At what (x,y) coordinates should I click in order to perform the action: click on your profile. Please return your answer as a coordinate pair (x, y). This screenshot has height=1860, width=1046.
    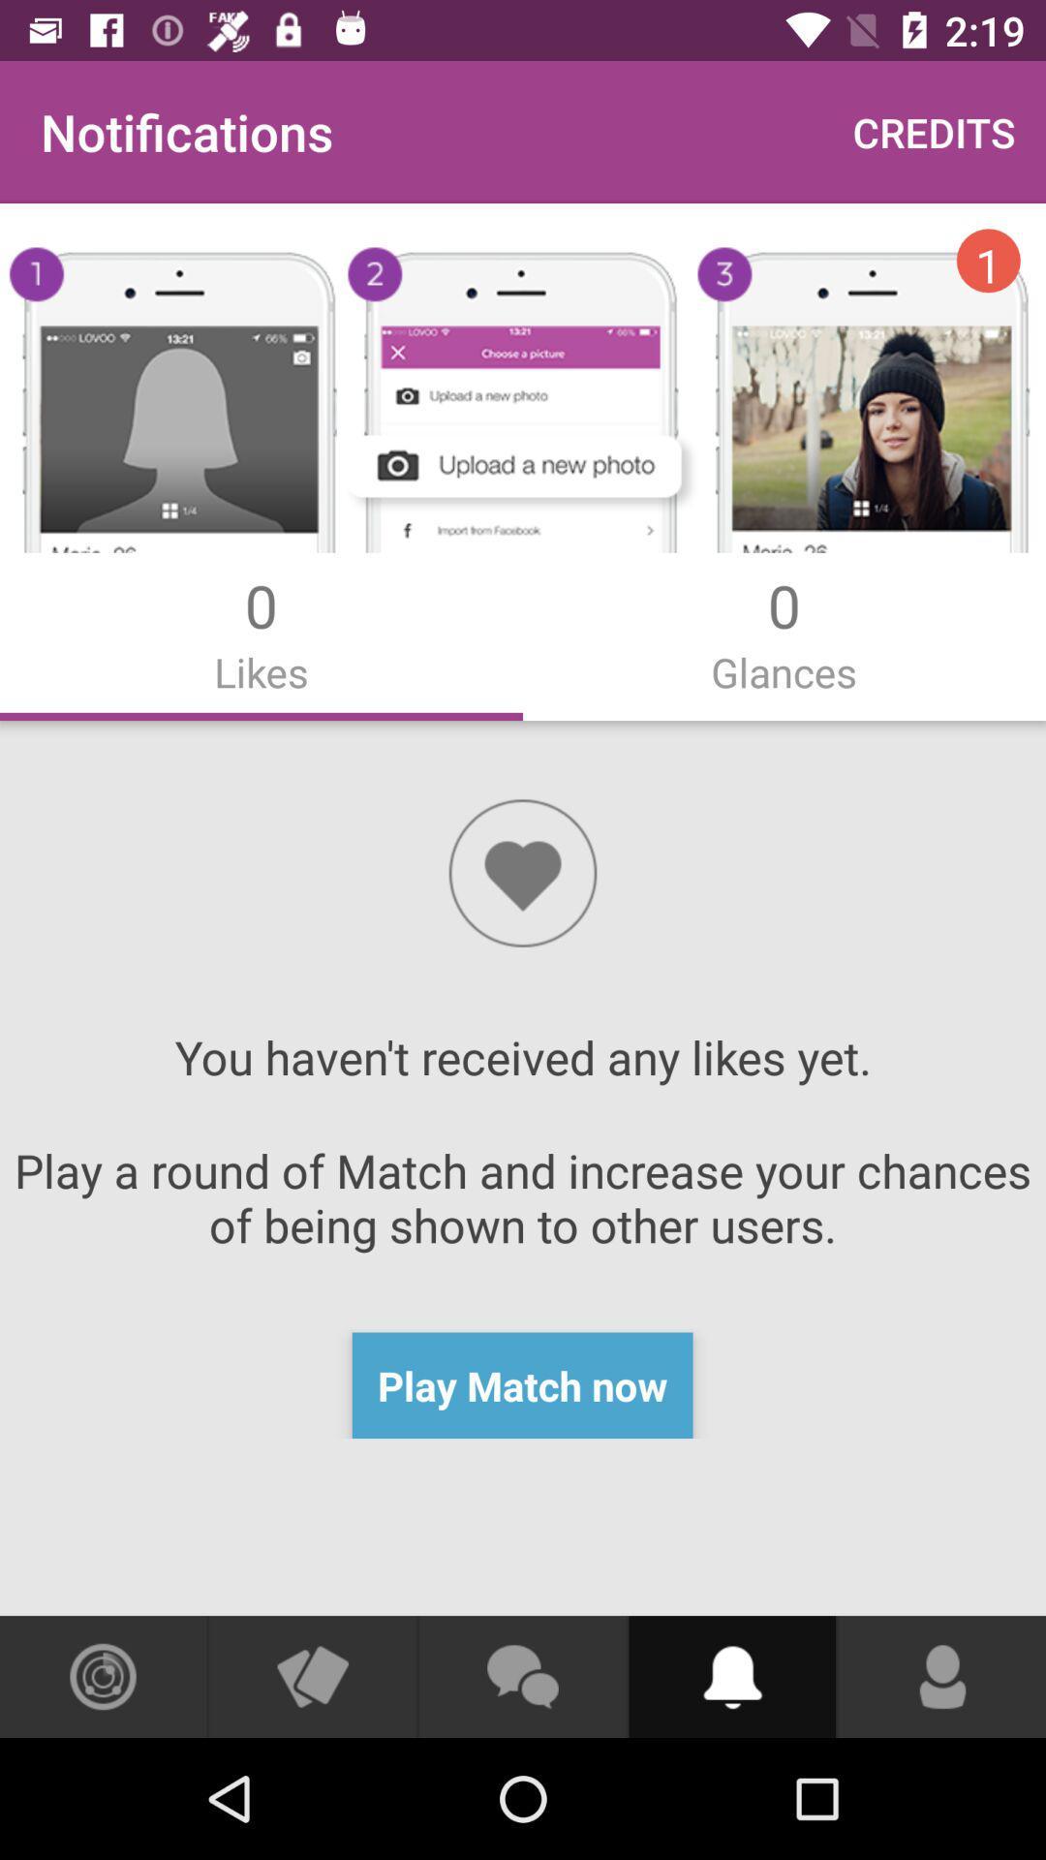
    Looking at the image, I should click on (941, 1676).